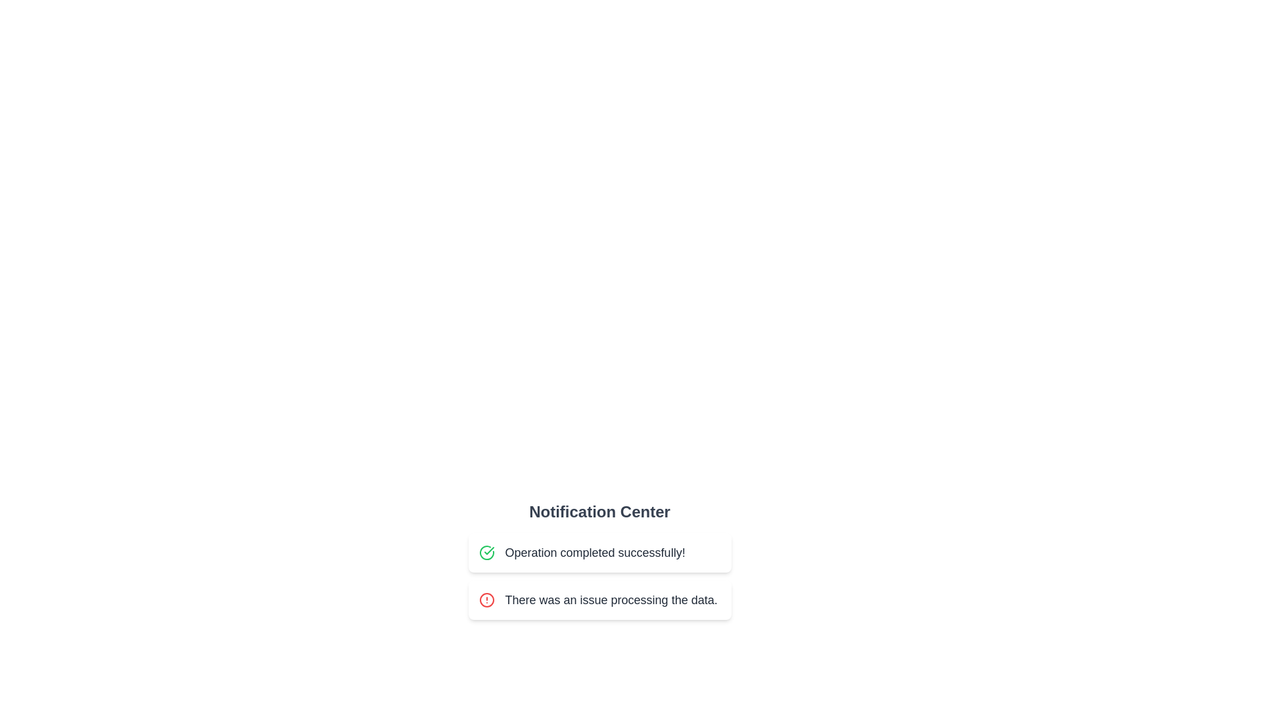  Describe the element at coordinates (486, 600) in the screenshot. I see `the warning icon located within the notification box that indicates an issue processing the data` at that location.